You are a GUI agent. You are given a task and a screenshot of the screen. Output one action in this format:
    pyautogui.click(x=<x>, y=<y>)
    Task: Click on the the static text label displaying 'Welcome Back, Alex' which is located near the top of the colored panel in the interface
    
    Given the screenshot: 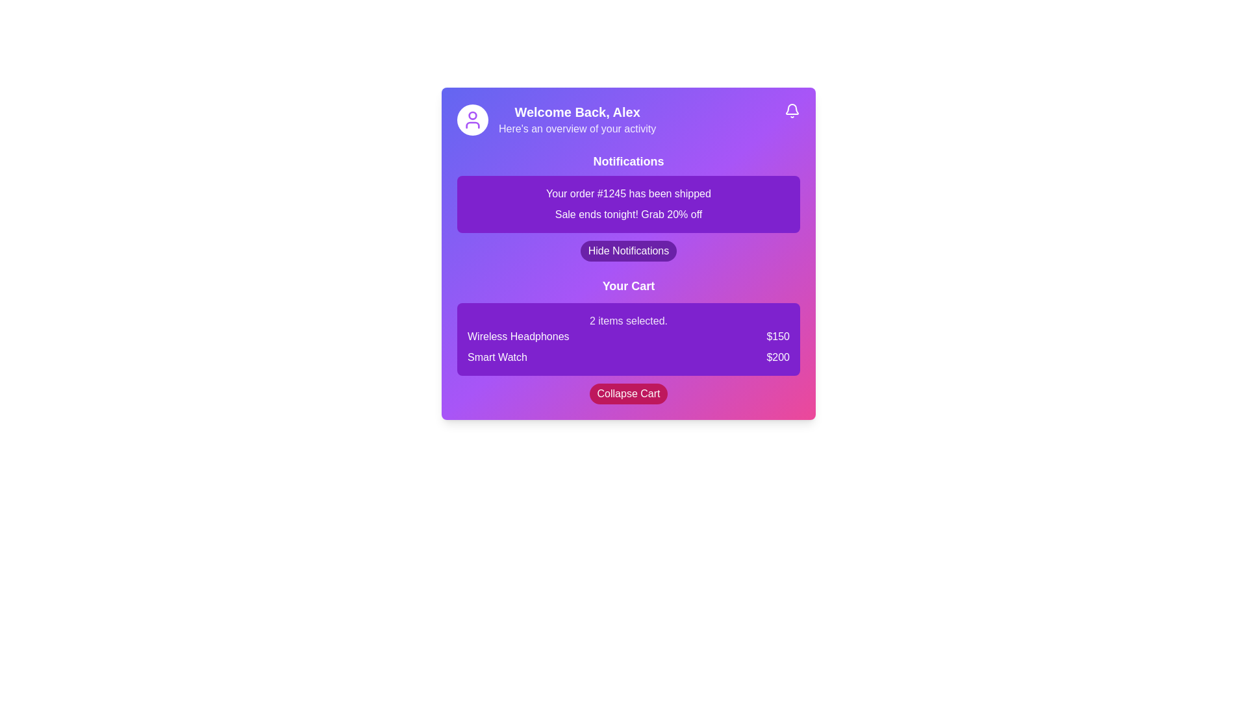 What is the action you would take?
    pyautogui.click(x=577, y=112)
    